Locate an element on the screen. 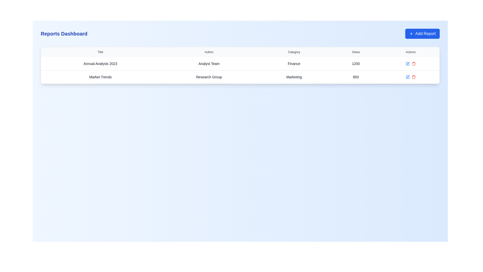  the 'Research Group' text block in the second column of the second row of the table to explore more details is located at coordinates (209, 77).